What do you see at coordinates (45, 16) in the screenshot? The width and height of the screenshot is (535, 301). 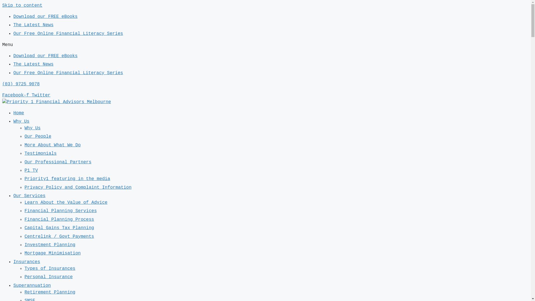 I see `'Download our FREE eBooks'` at bounding box center [45, 16].